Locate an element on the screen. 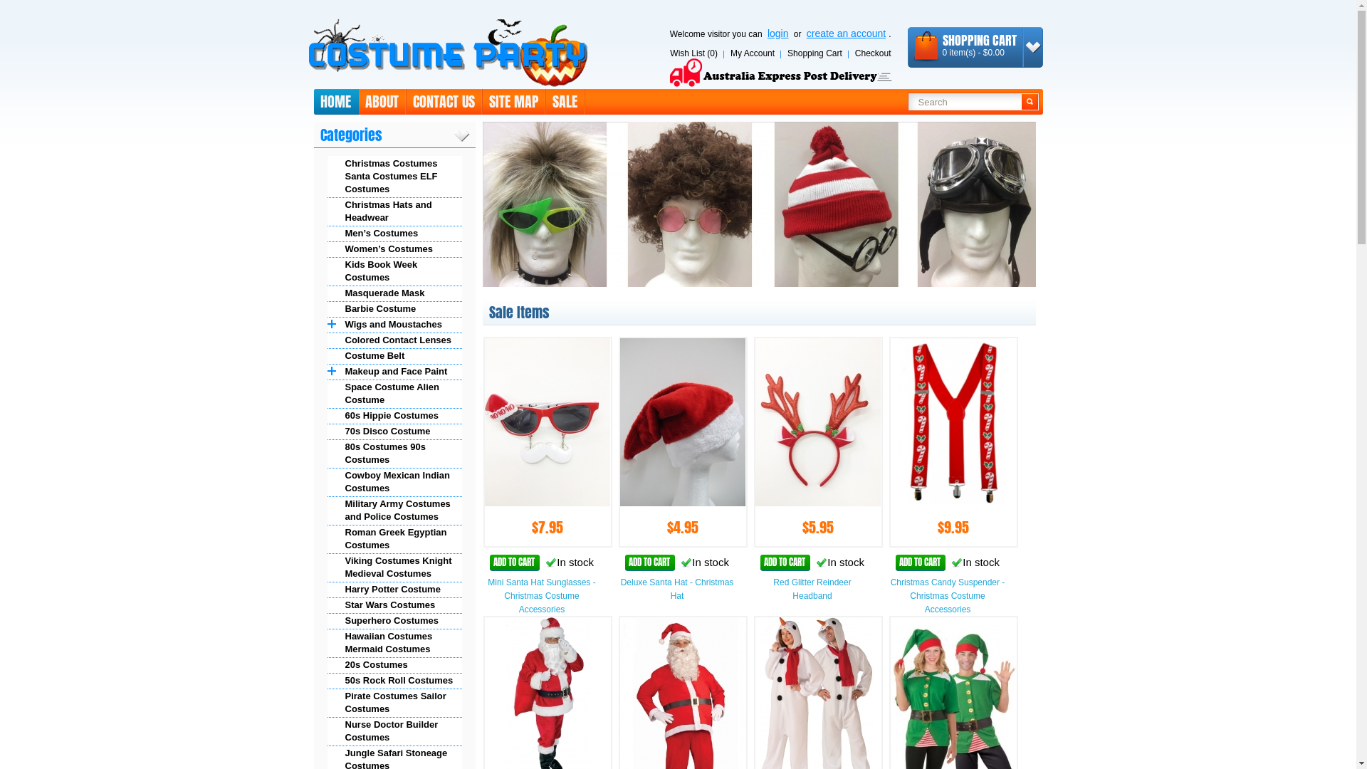  'Nurse Doctor Builder Costumes' is located at coordinates (394, 731).